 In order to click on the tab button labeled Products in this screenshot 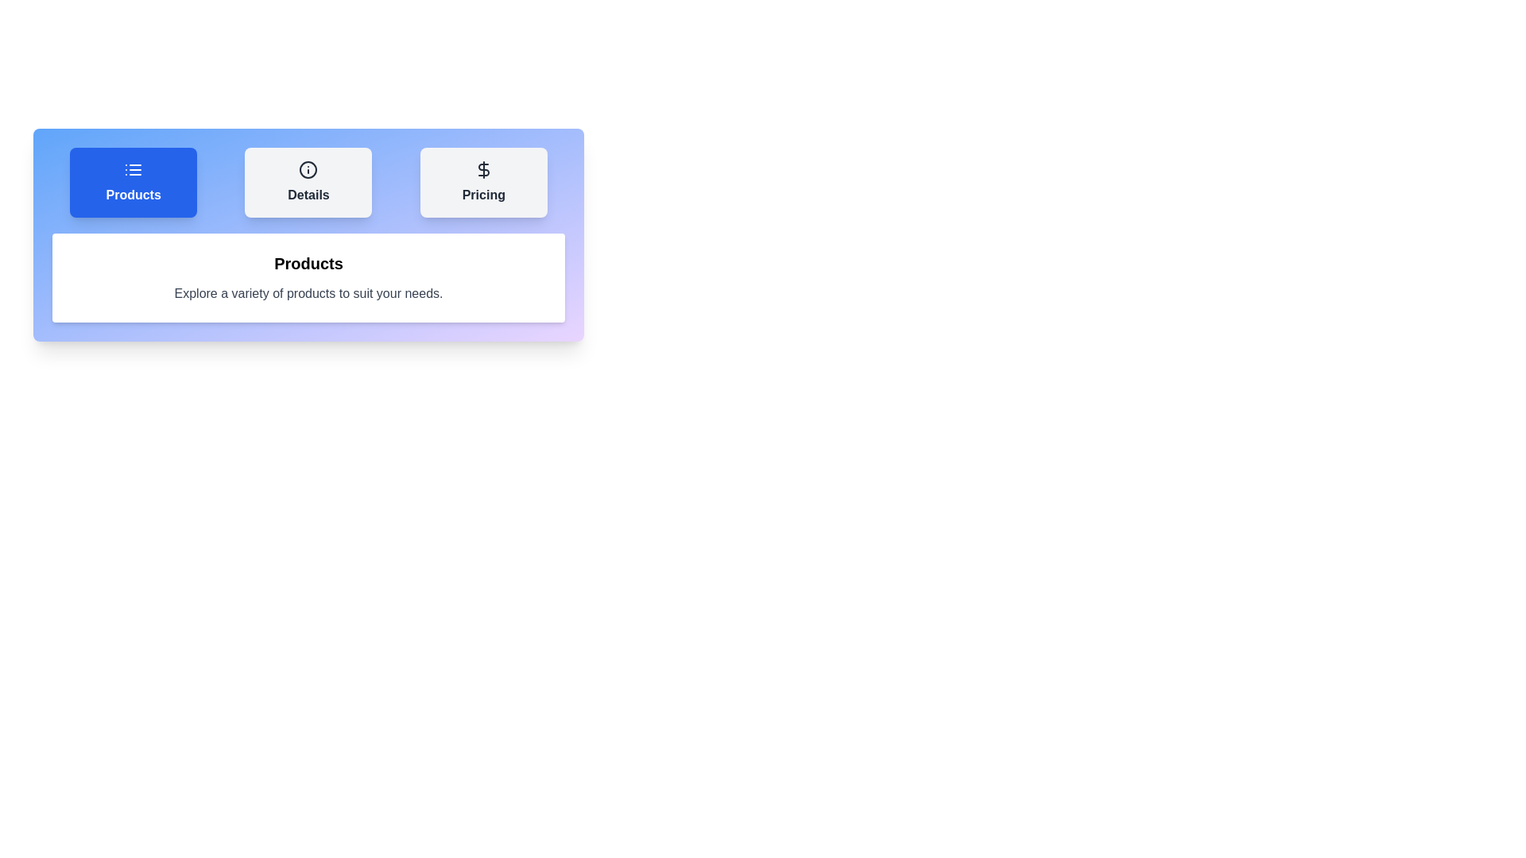, I will do `click(134, 182)`.